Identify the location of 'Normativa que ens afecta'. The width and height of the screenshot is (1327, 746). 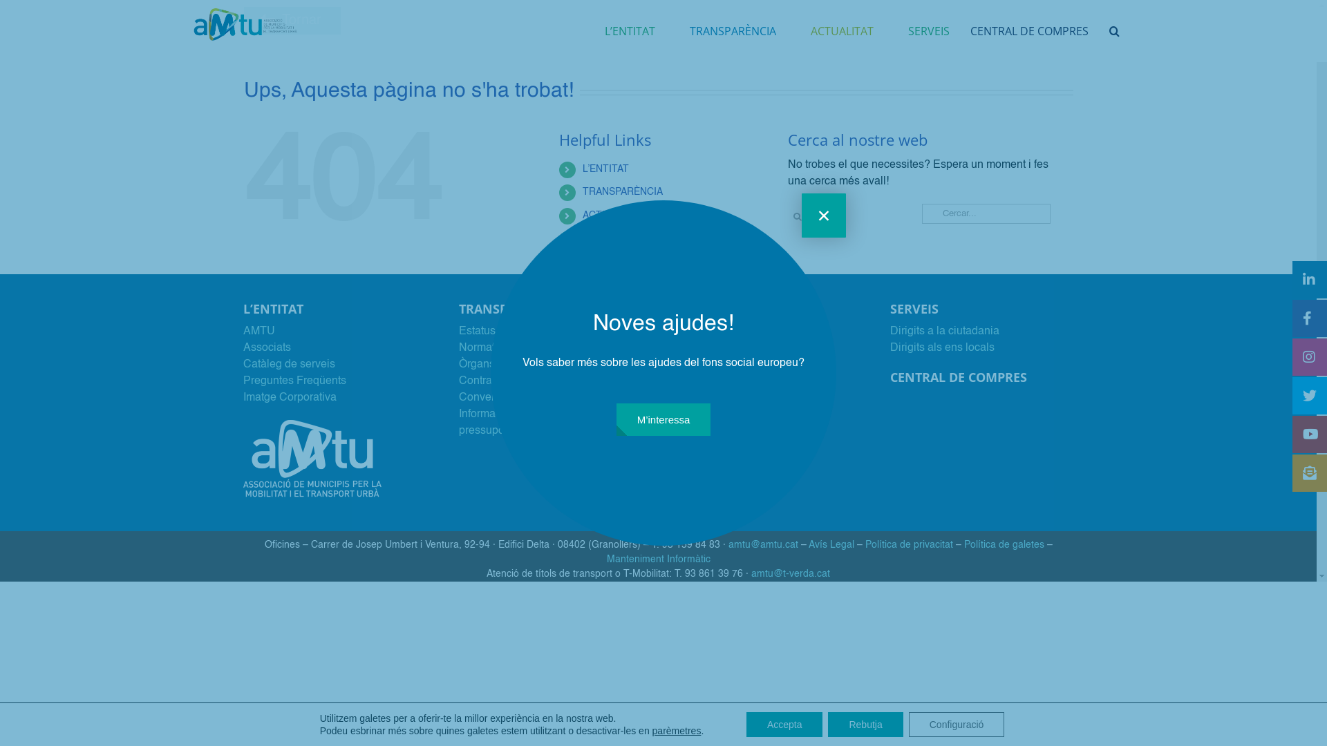
(520, 347).